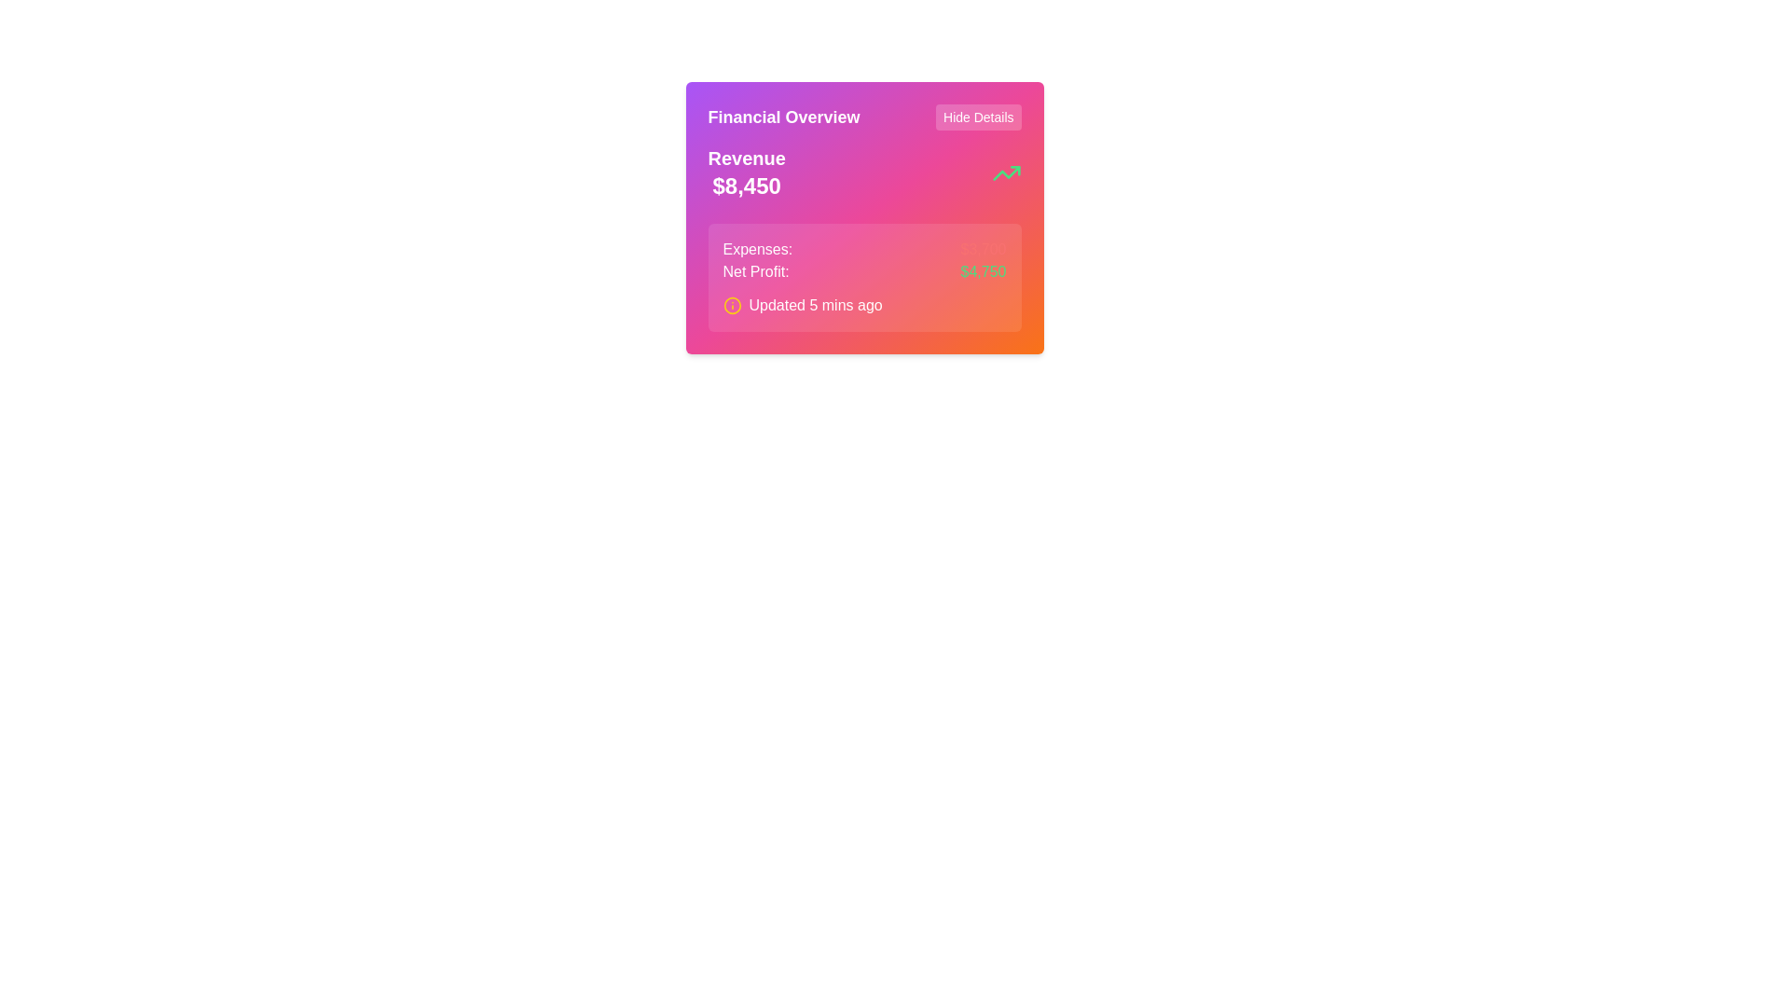 Image resolution: width=1790 pixels, height=1007 pixels. I want to click on the informational label with an icon that provides a timestamp for when the data was last updated, located below the text 'Net Profit: $4,750', so click(863, 304).